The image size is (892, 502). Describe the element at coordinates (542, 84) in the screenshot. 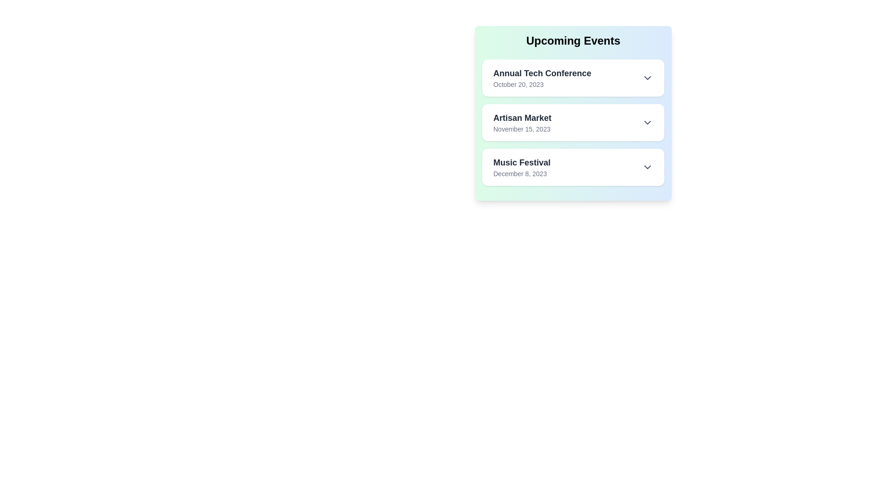

I see `the text label displaying the date 'October 20, 2023', which is styled in gray and positioned below the title 'Annual Tech Conference' in the 'Upcoming Events' list` at that location.